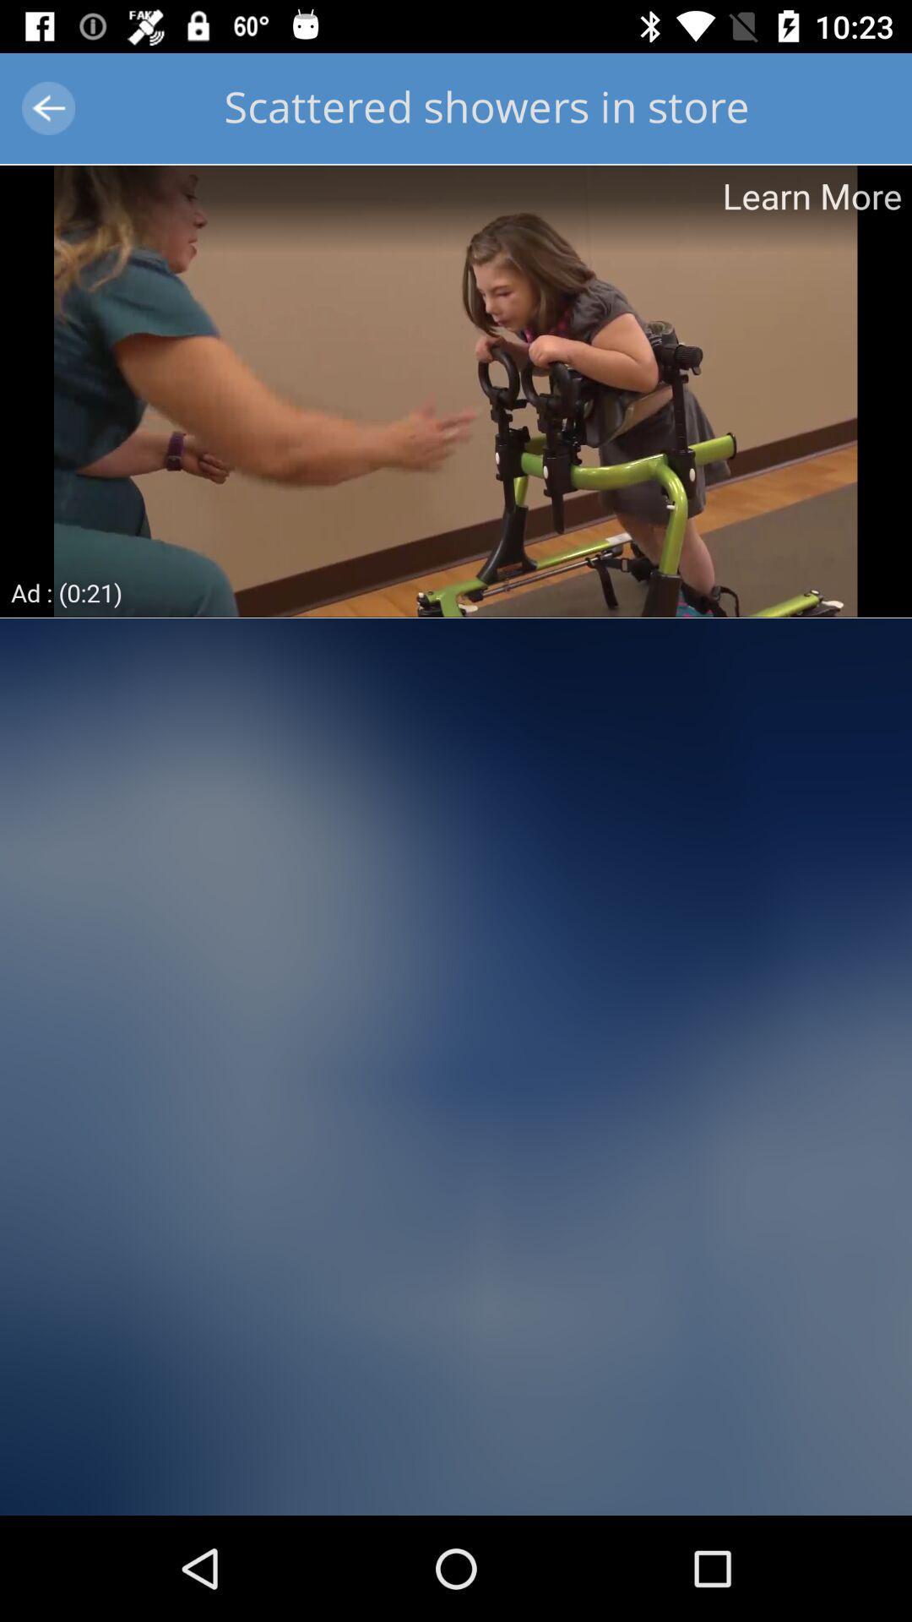  Describe the element at coordinates (47, 107) in the screenshot. I see `the arrow_backward icon` at that location.